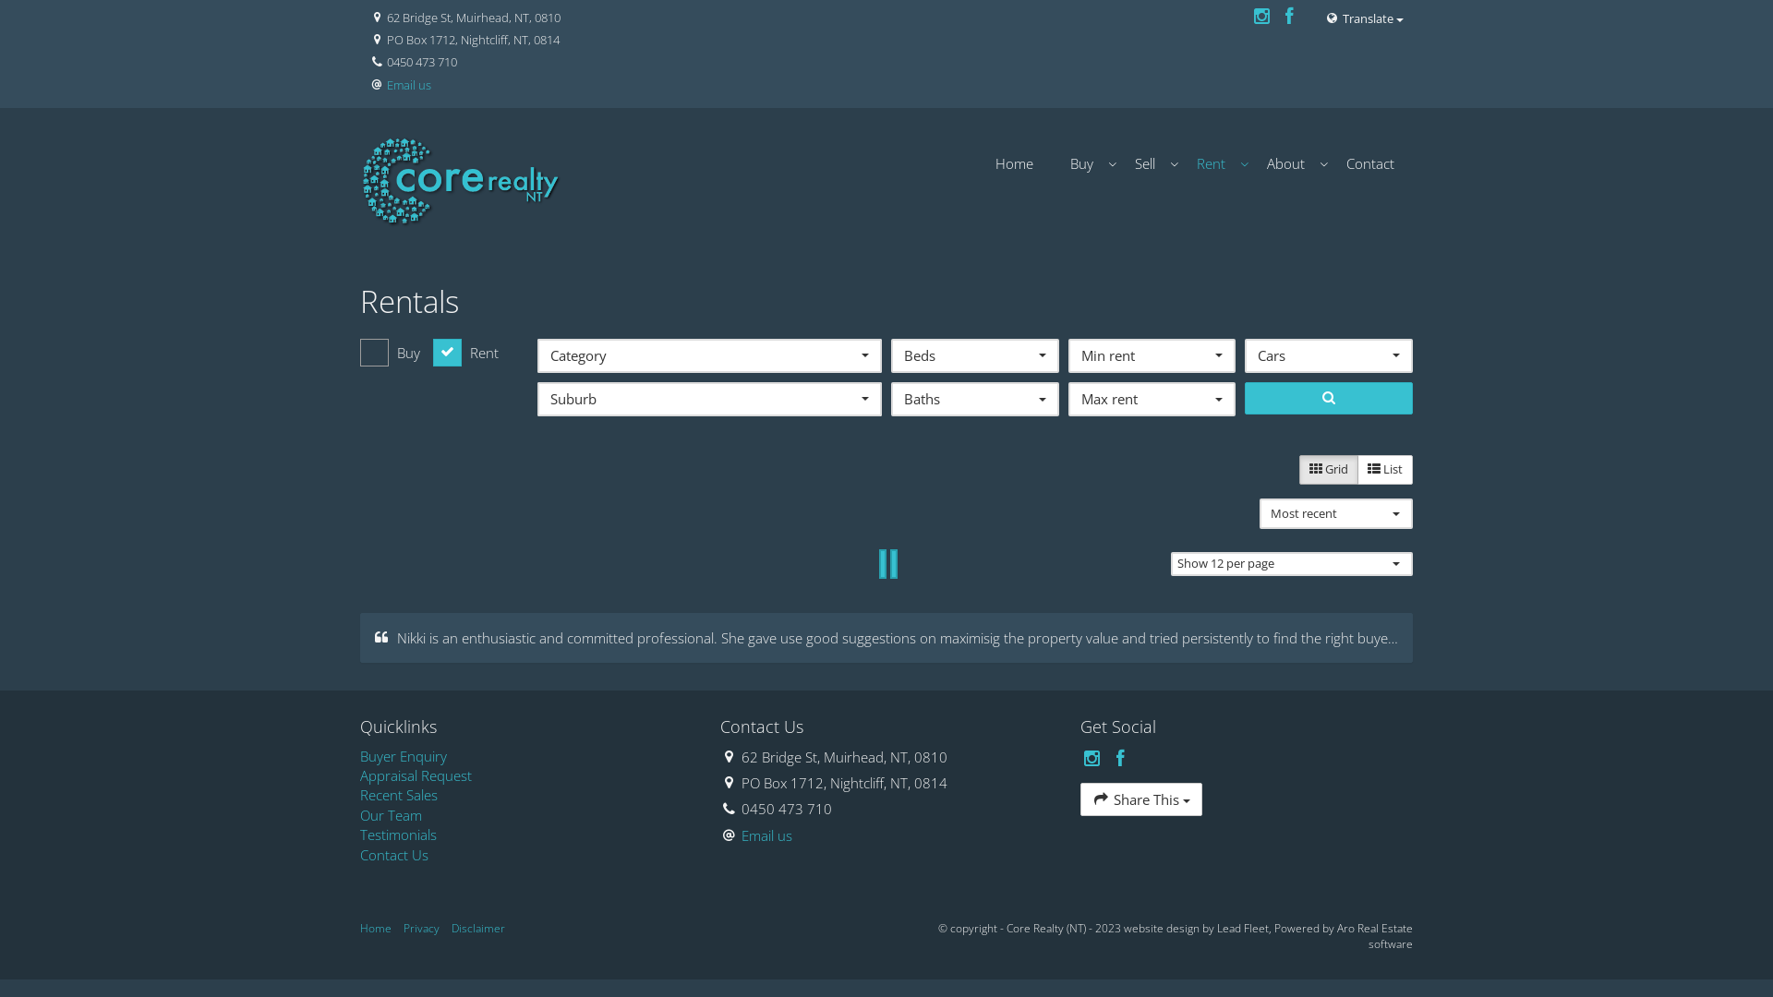 The image size is (1773, 997). Describe the element at coordinates (1369, 162) in the screenshot. I see `'Contact'` at that location.